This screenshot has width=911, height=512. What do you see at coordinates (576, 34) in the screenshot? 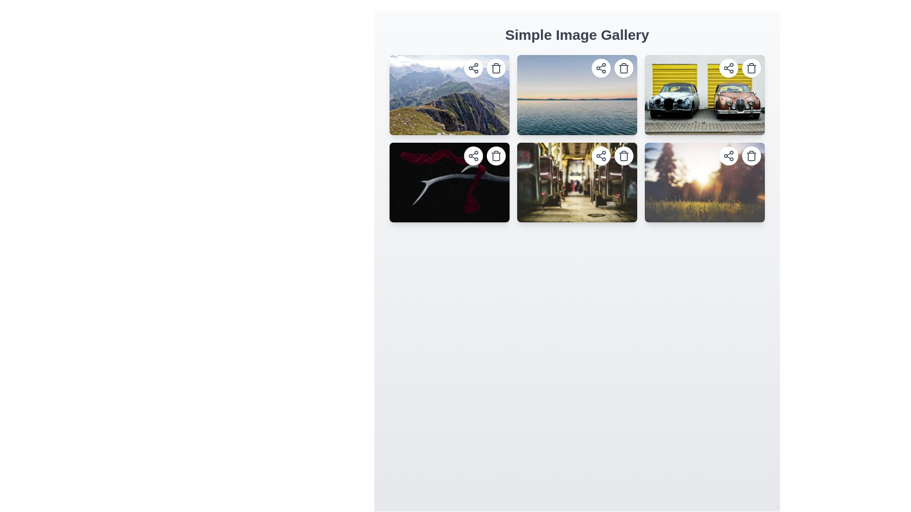
I see `text of the Heading element located at the top of the interface, which provides context about the page's content and purpose` at bounding box center [576, 34].